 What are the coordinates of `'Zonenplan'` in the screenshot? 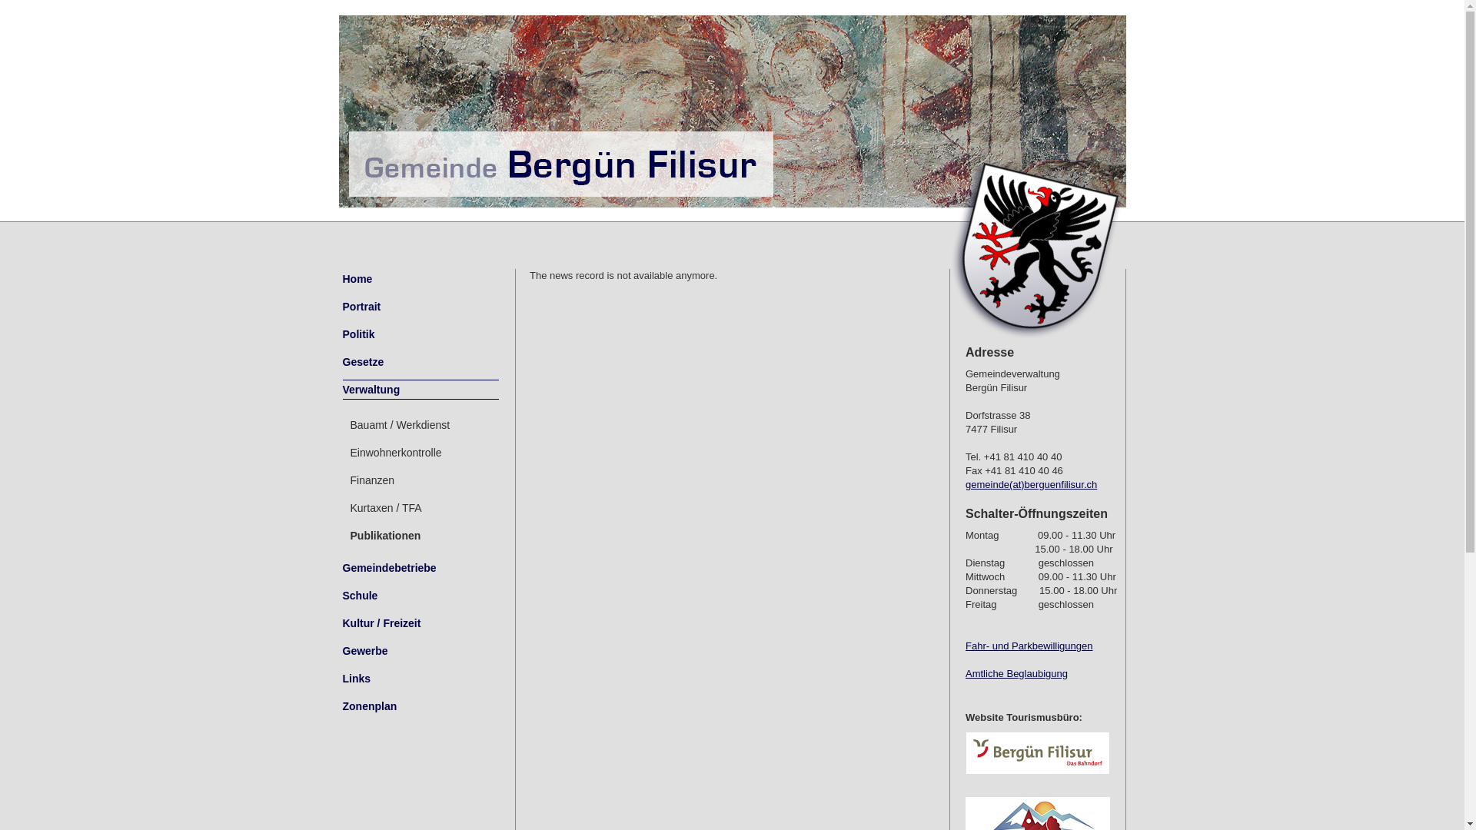 It's located at (421, 705).